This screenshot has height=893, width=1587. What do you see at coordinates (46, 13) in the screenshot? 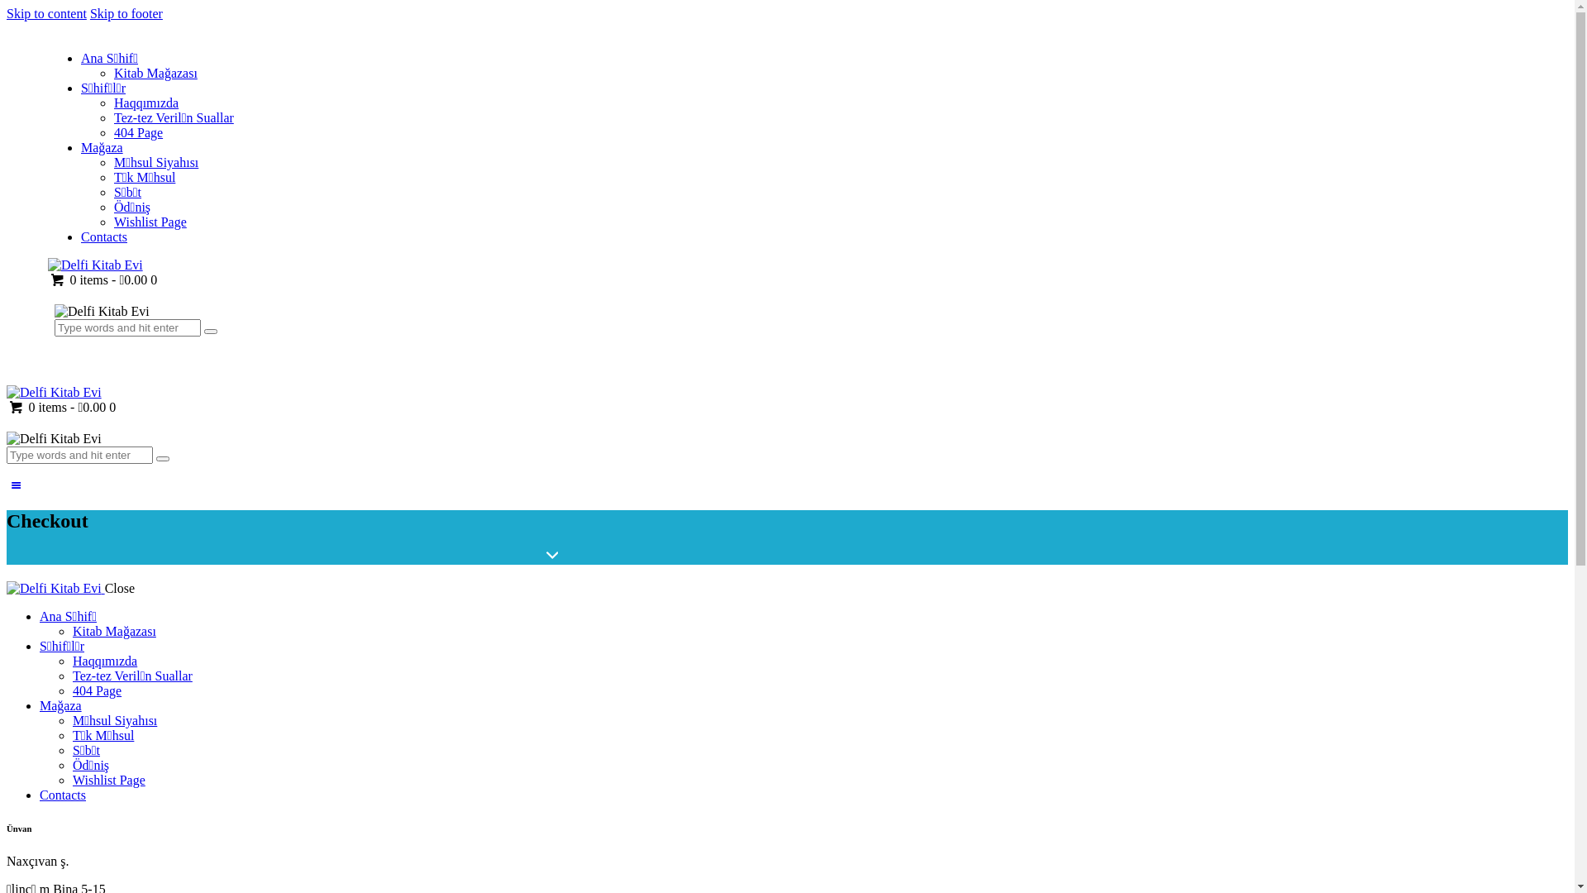
I see `'Skip to content'` at bounding box center [46, 13].